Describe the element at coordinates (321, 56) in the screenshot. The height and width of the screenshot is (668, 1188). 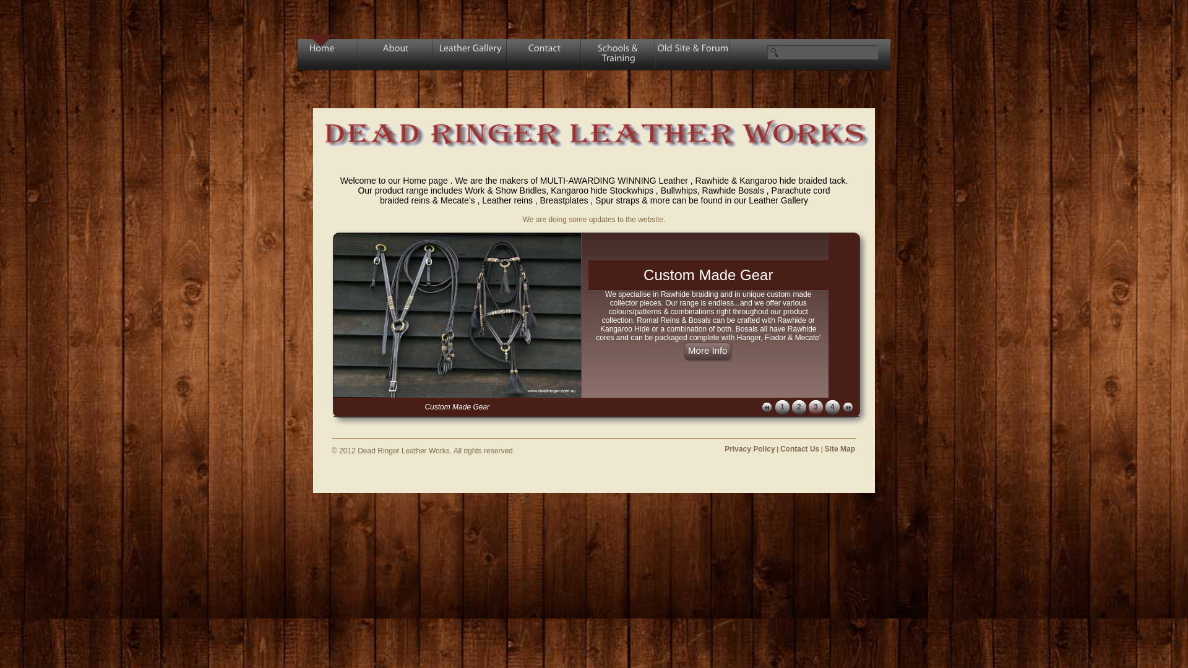
I see `'Home'` at that location.